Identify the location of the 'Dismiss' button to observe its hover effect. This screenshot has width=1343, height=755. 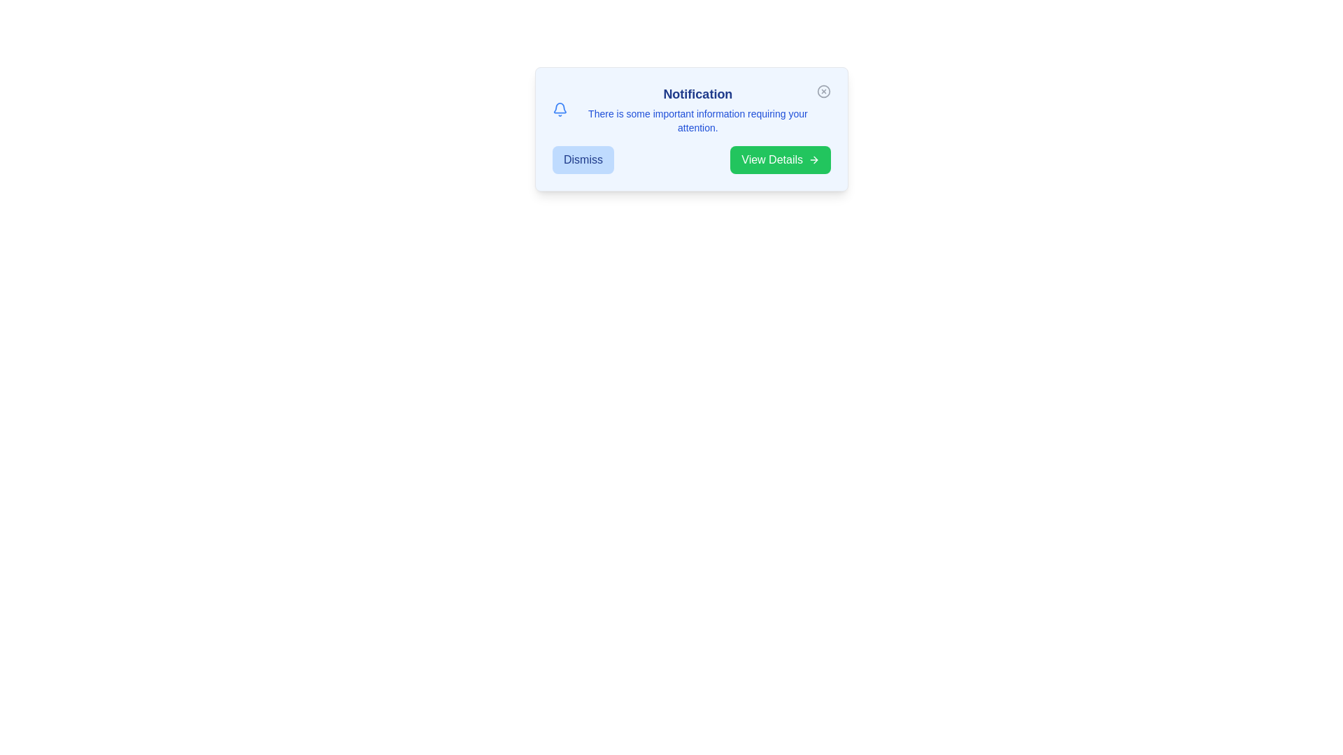
(583, 159).